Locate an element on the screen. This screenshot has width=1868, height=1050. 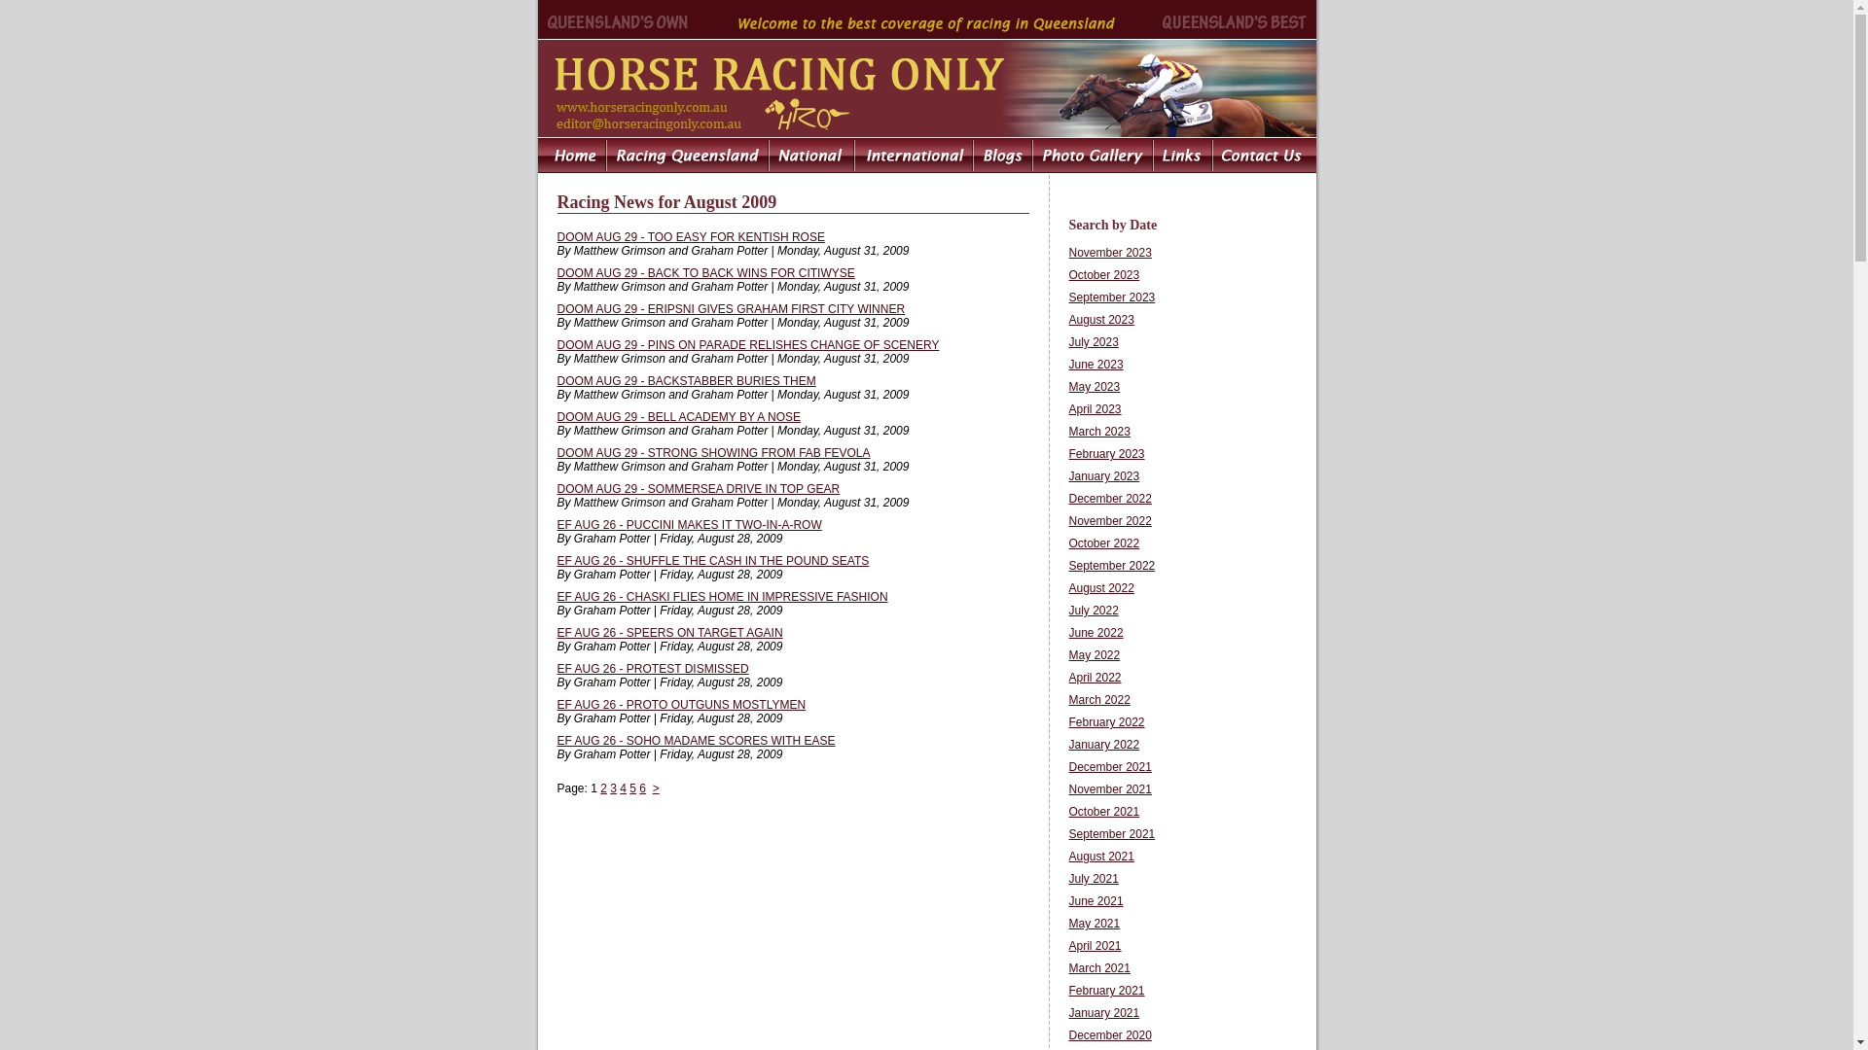
'April 2022' is located at coordinates (1067, 677).